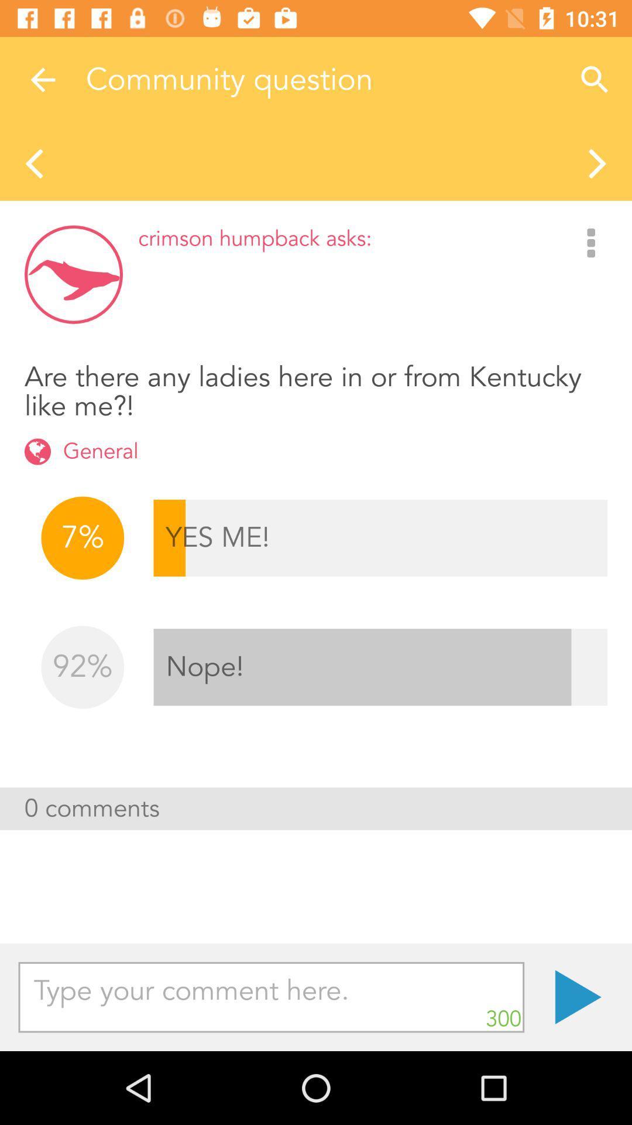  What do you see at coordinates (42, 79) in the screenshot?
I see `the item next to the community question item` at bounding box center [42, 79].